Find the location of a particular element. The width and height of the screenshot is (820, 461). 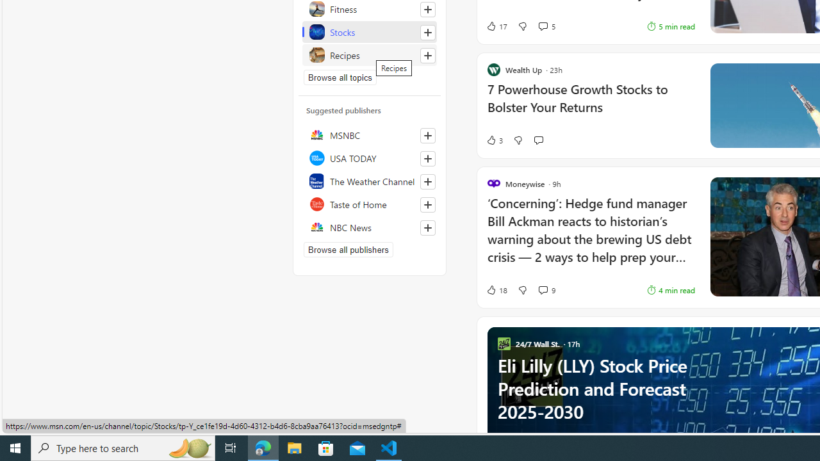

'Browse all topics' is located at coordinates (340, 77).